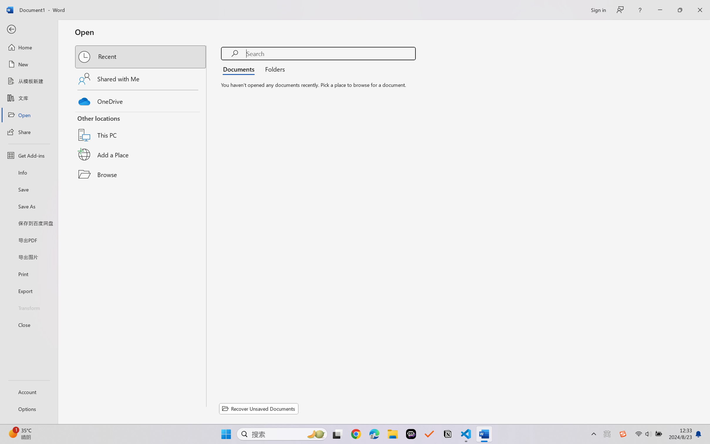 This screenshot has width=710, height=444. I want to click on 'Options', so click(28, 408).